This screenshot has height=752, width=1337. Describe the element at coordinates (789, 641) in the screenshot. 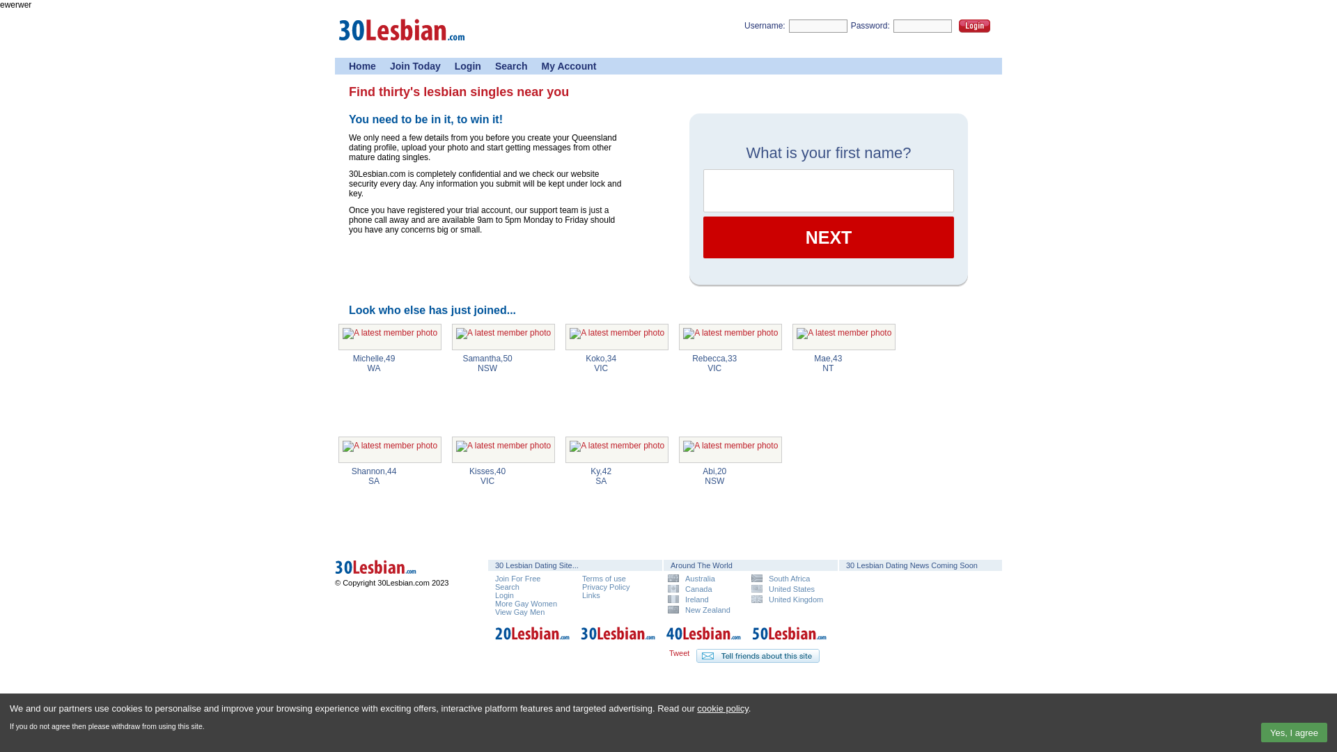

I see `'50 Lesbian Dating'` at that location.